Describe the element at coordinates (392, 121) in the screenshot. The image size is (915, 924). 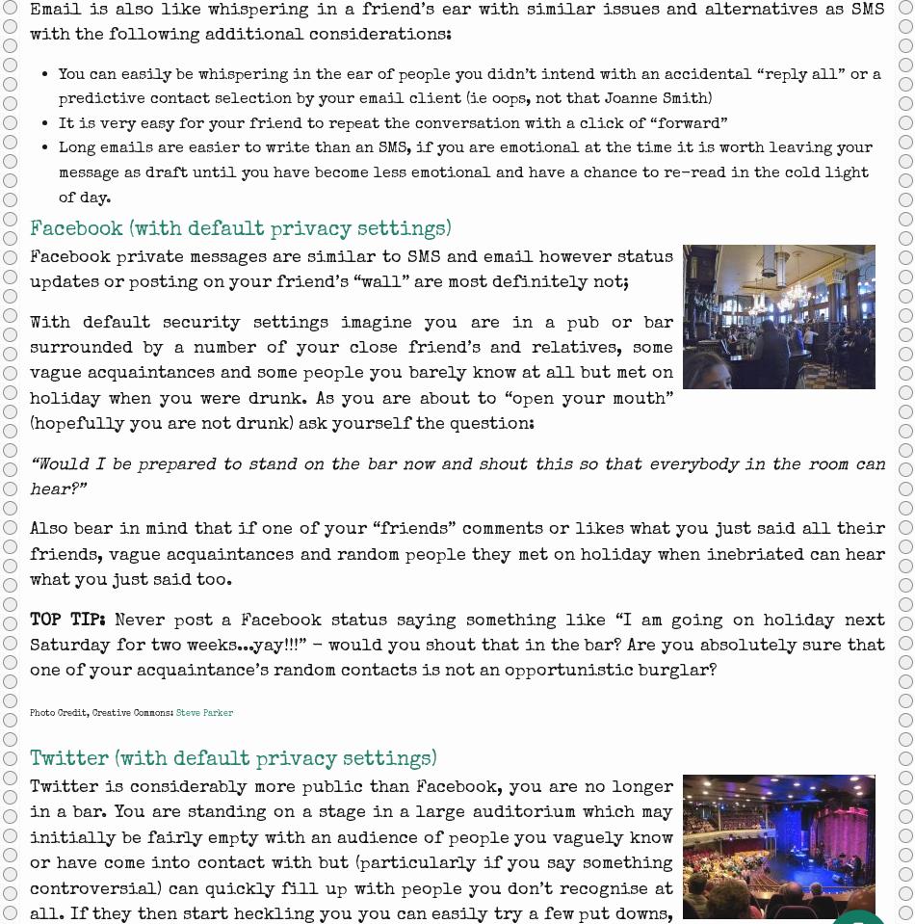
I see `'It is very easy for your friend to repeat the conversation with a click of “forward”'` at that location.